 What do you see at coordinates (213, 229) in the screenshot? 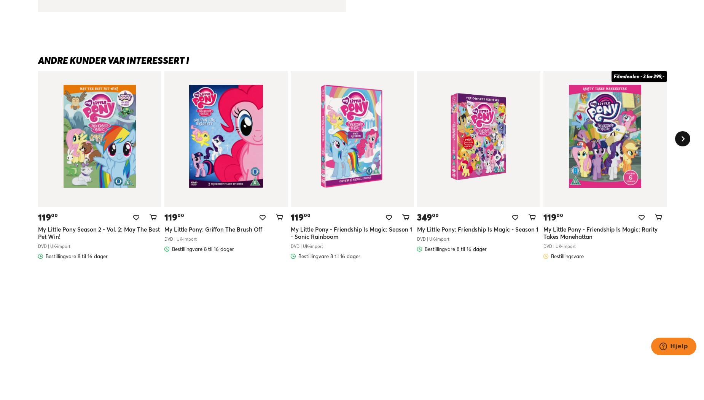
I see `'My Little Pony: Griffon The Brush Off'` at bounding box center [213, 229].